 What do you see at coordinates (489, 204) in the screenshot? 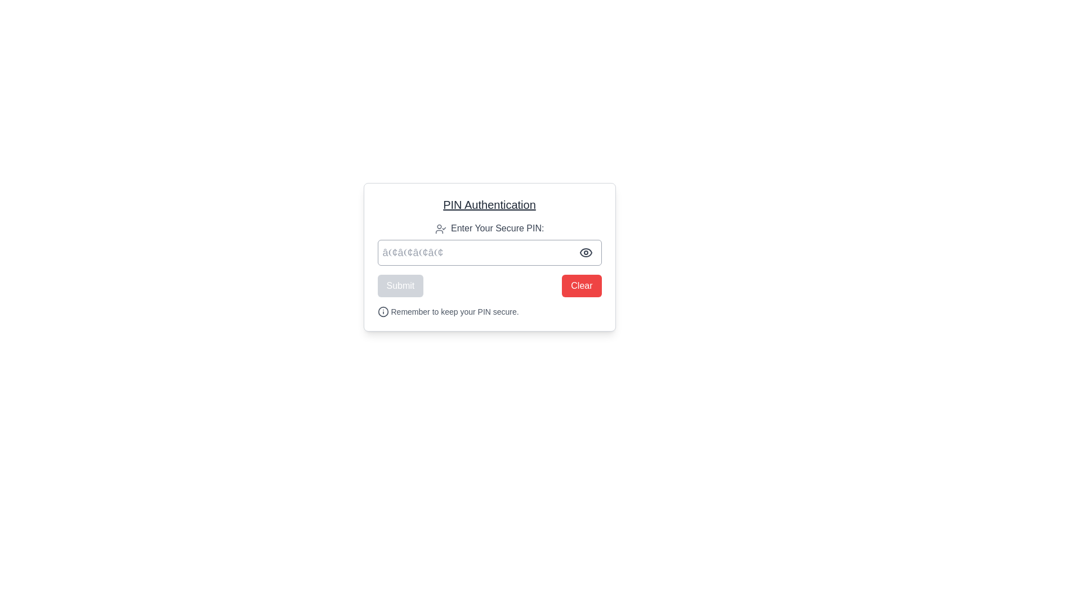
I see `the text header displaying 'PIN Authentication'` at bounding box center [489, 204].